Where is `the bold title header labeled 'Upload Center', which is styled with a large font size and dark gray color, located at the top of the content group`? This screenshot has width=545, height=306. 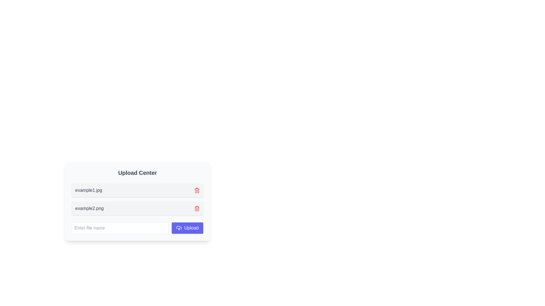
the bold title header labeled 'Upload Center', which is styled with a large font size and dark gray color, located at the top of the content group is located at coordinates (137, 172).